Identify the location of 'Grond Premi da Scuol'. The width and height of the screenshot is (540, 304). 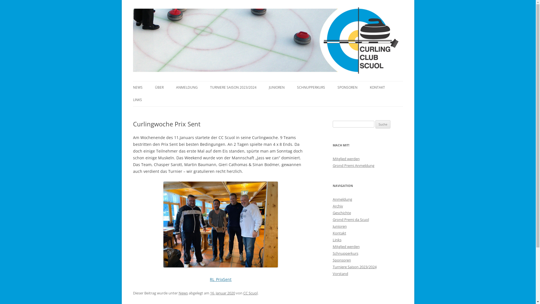
(350, 219).